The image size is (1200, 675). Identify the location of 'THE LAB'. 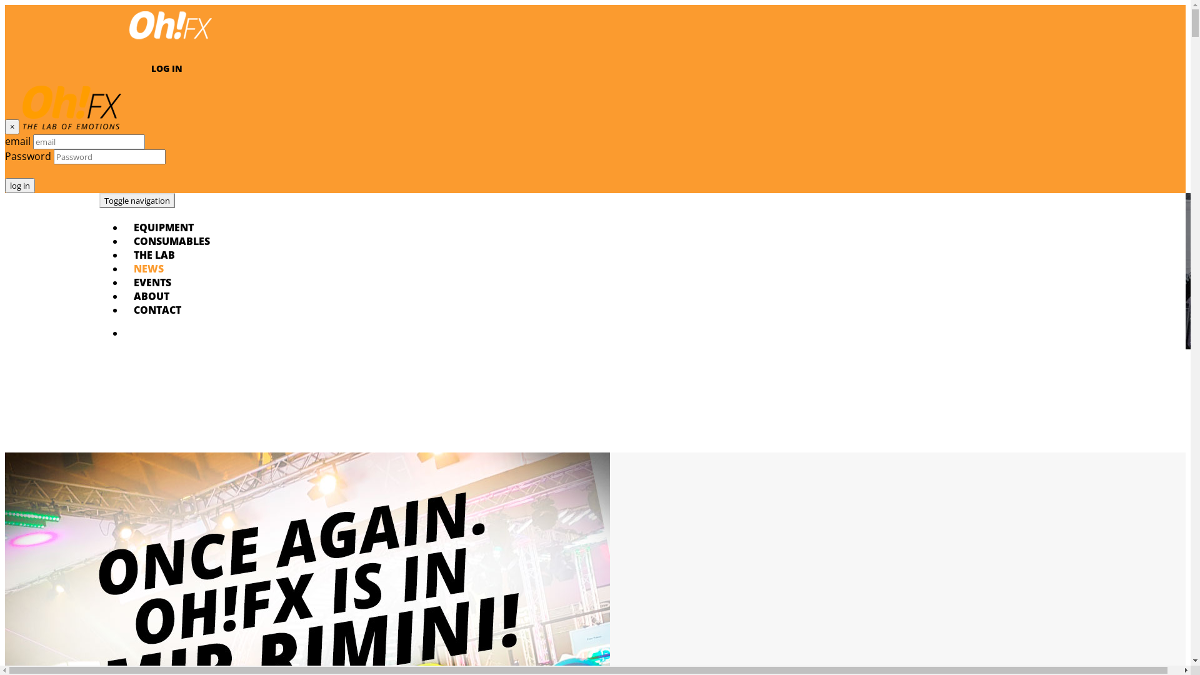
(153, 254).